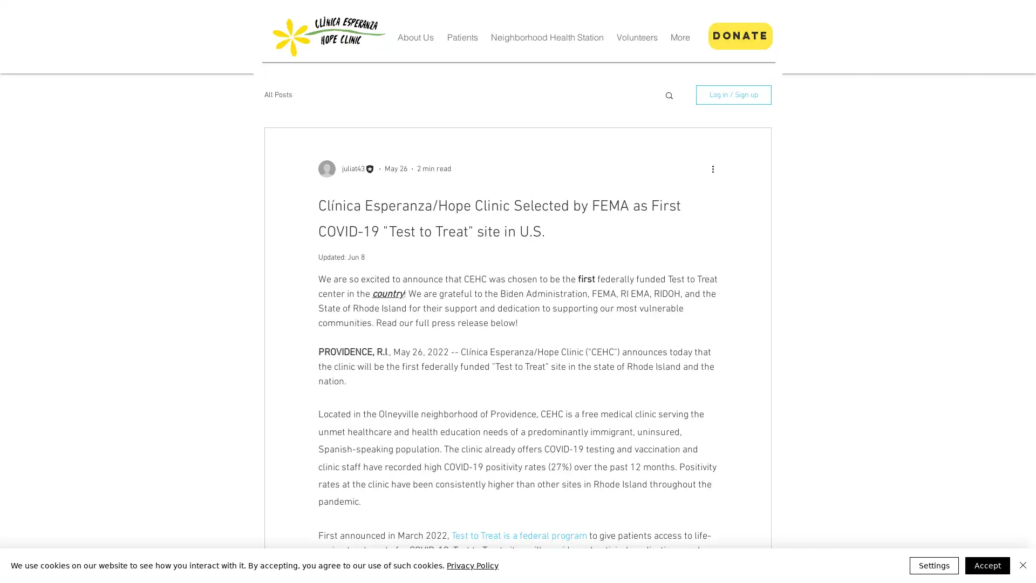 This screenshot has height=583, width=1036. I want to click on Settings, so click(933, 565).